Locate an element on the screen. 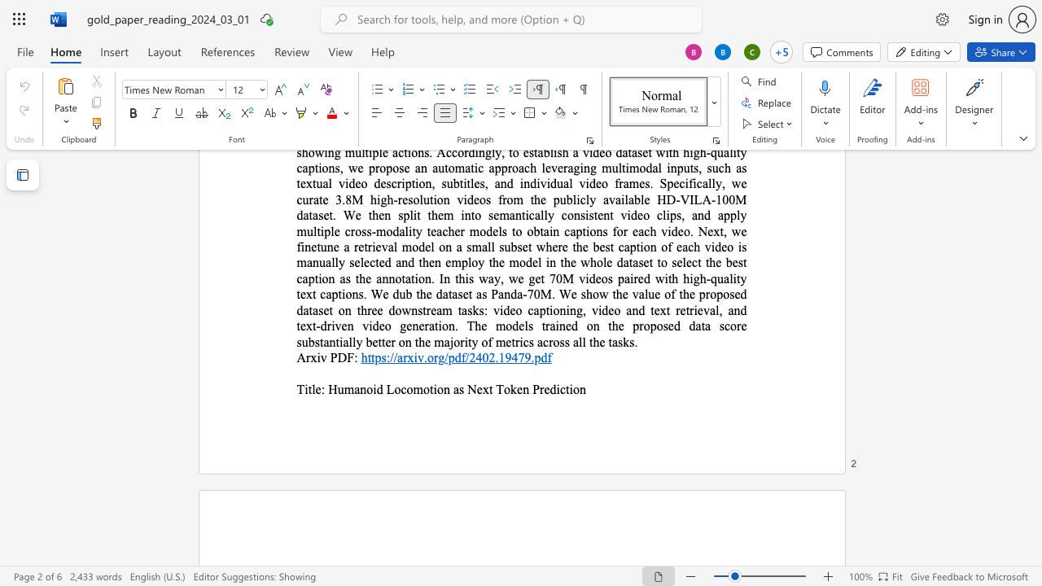  the space between the continuous character "r" and "x" in the text is located at coordinates (408, 356).